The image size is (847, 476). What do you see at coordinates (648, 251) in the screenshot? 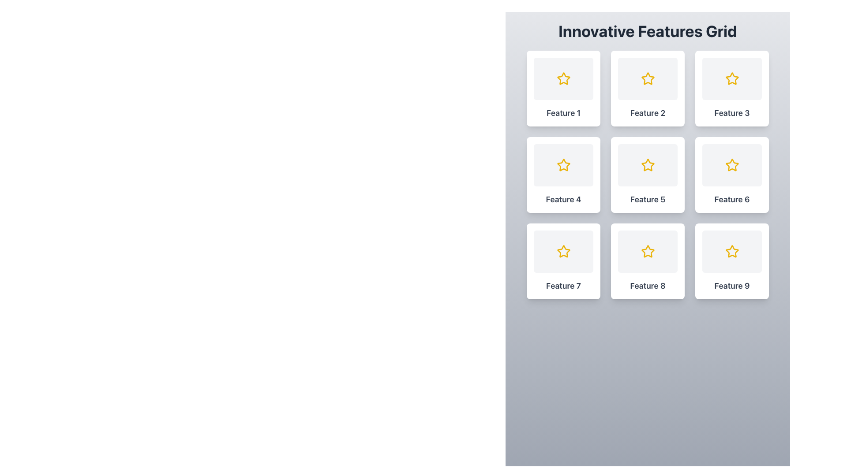
I see `the star icon representing the 'Feature 8' card, located in the third row and second column of the grid layout` at bounding box center [648, 251].